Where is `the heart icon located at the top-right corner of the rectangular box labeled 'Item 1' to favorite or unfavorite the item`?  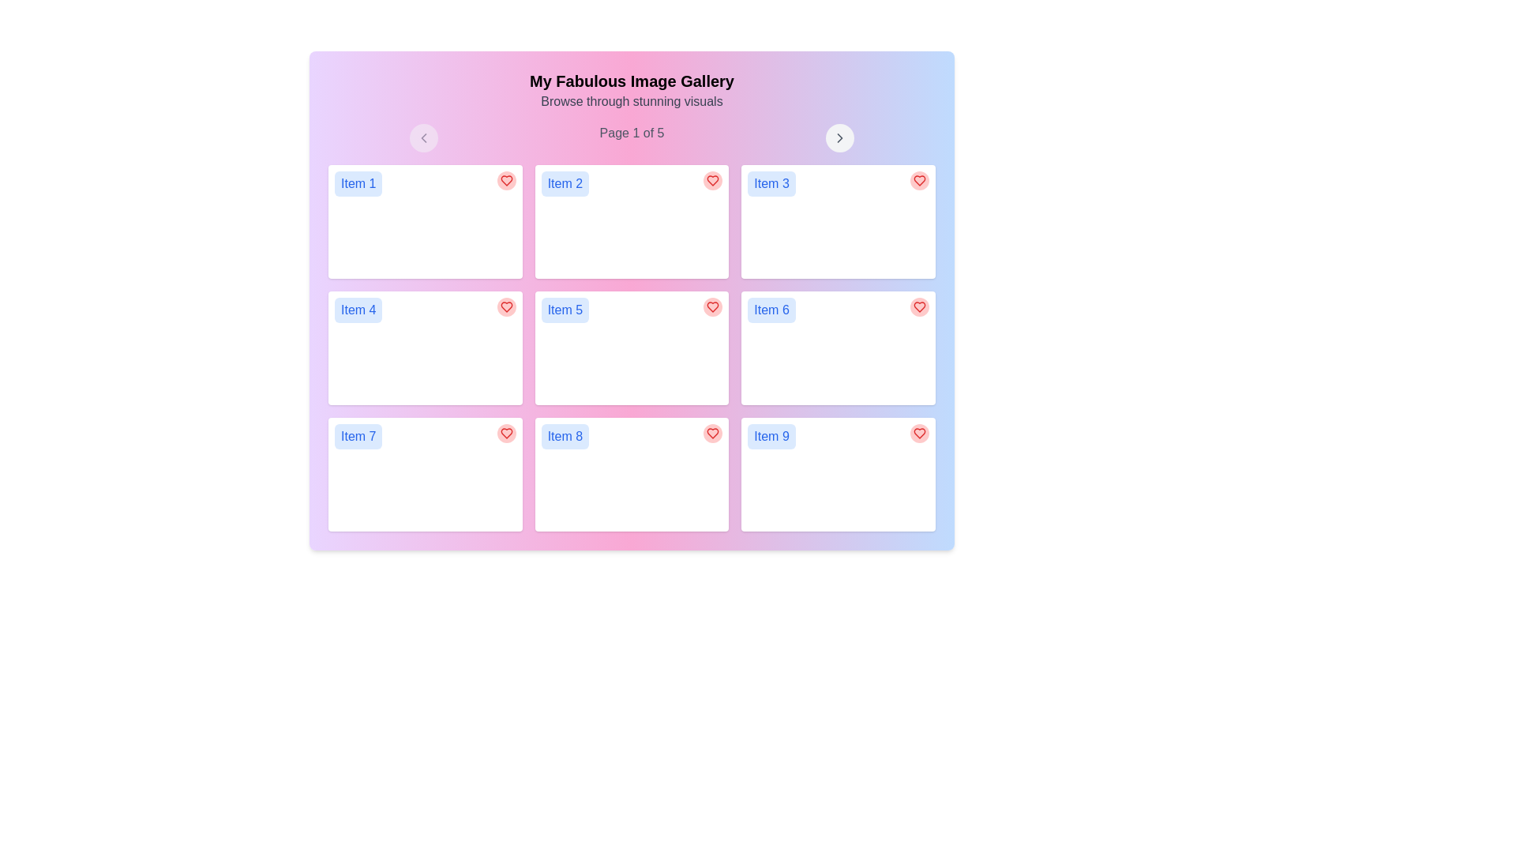 the heart icon located at the top-right corner of the rectangular box labeled 'Item 1' to favorite or unfavorite the item is located at coordinates (506, 179).